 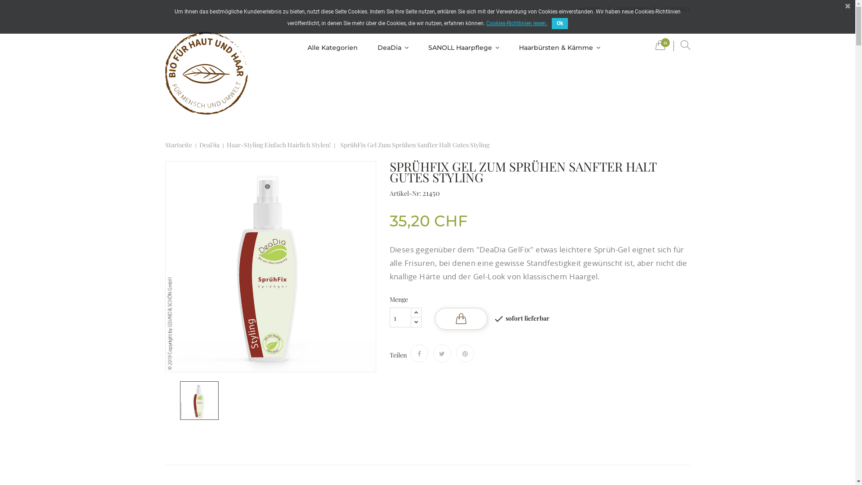 What do you see at coordinates (461, 318) in the screenshot?
I see `'IN DEN WARENKORB'` at bounding box center [461, 318].